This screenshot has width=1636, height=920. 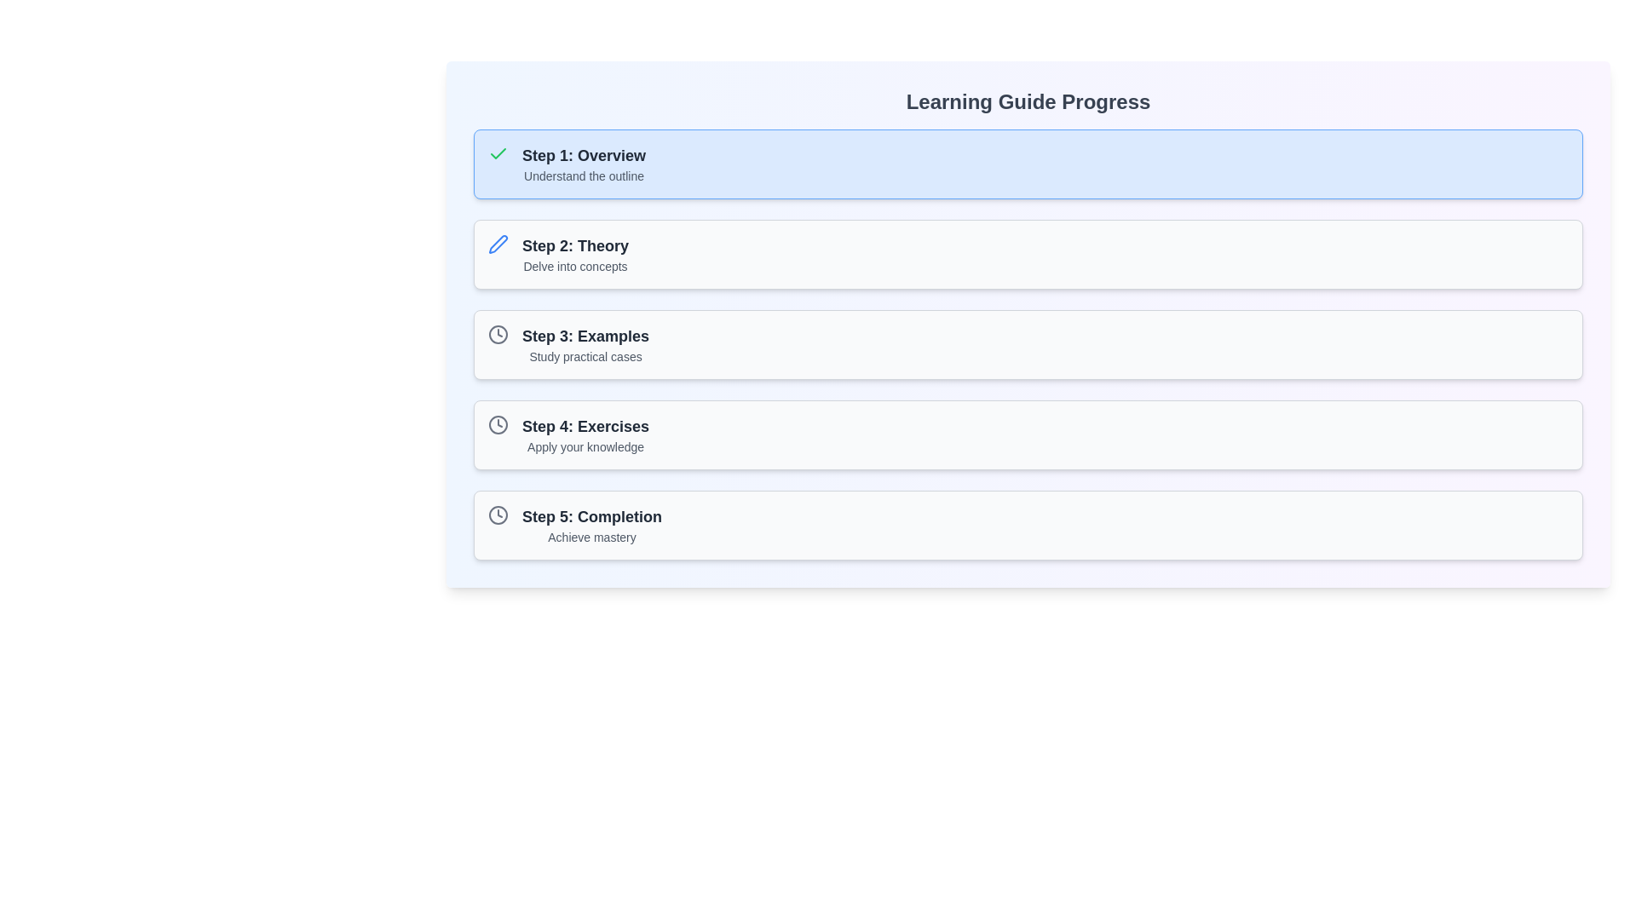 What do you see at coordinates (1027, 525) in the screenshot?
I see `the Card element titled 'Step 5: Completion' with a light gray background and darker gray border, which is the last in a vertically stacked list under 'Learning Guide Progress'` at bounding box center [1027, 525].